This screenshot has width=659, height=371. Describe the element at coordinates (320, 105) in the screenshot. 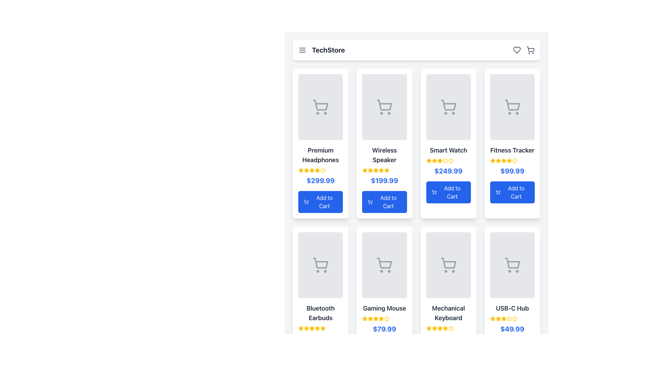

I see `the shopping cart icon located at the top-center of the product card for 'Premium Headphones.'` at that location.